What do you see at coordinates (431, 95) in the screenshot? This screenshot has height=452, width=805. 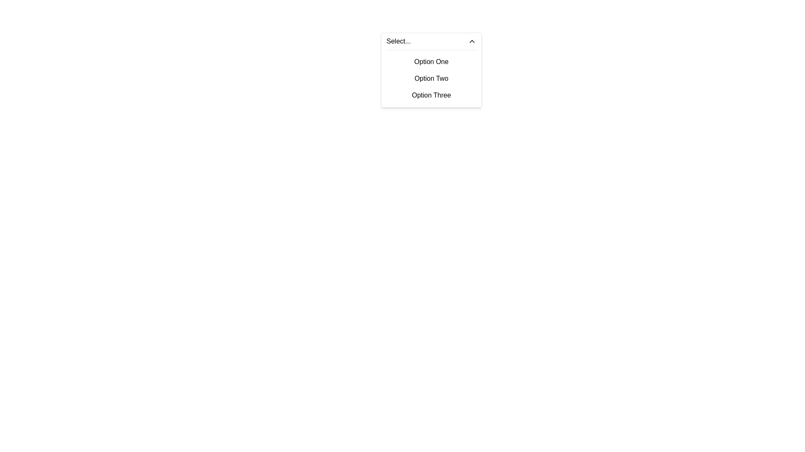 I see `the 'Option Three' in the dropdown list` at bounding box center [431, 95].